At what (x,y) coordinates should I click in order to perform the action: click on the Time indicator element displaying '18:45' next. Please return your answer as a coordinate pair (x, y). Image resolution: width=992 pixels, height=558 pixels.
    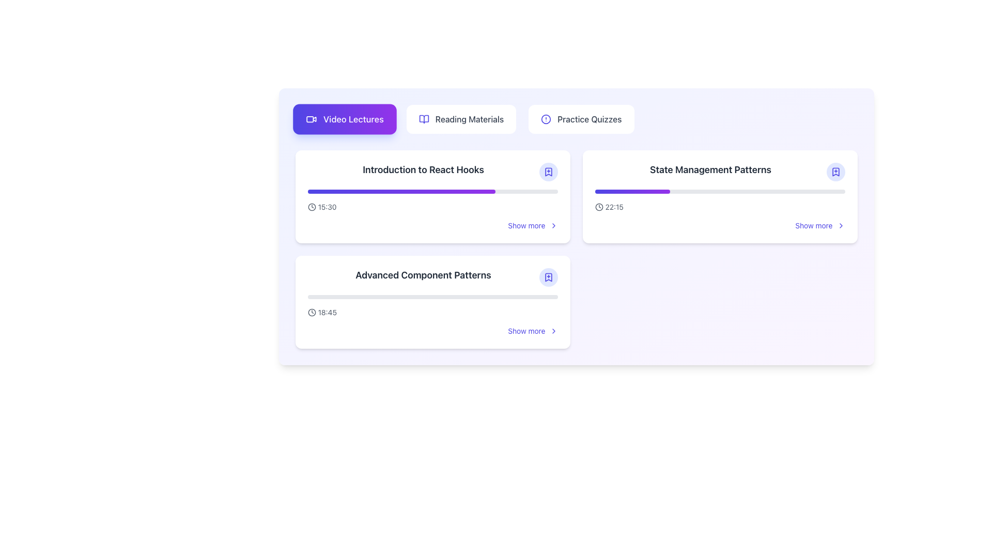
    Looking at the image, I should click on (321, 312).